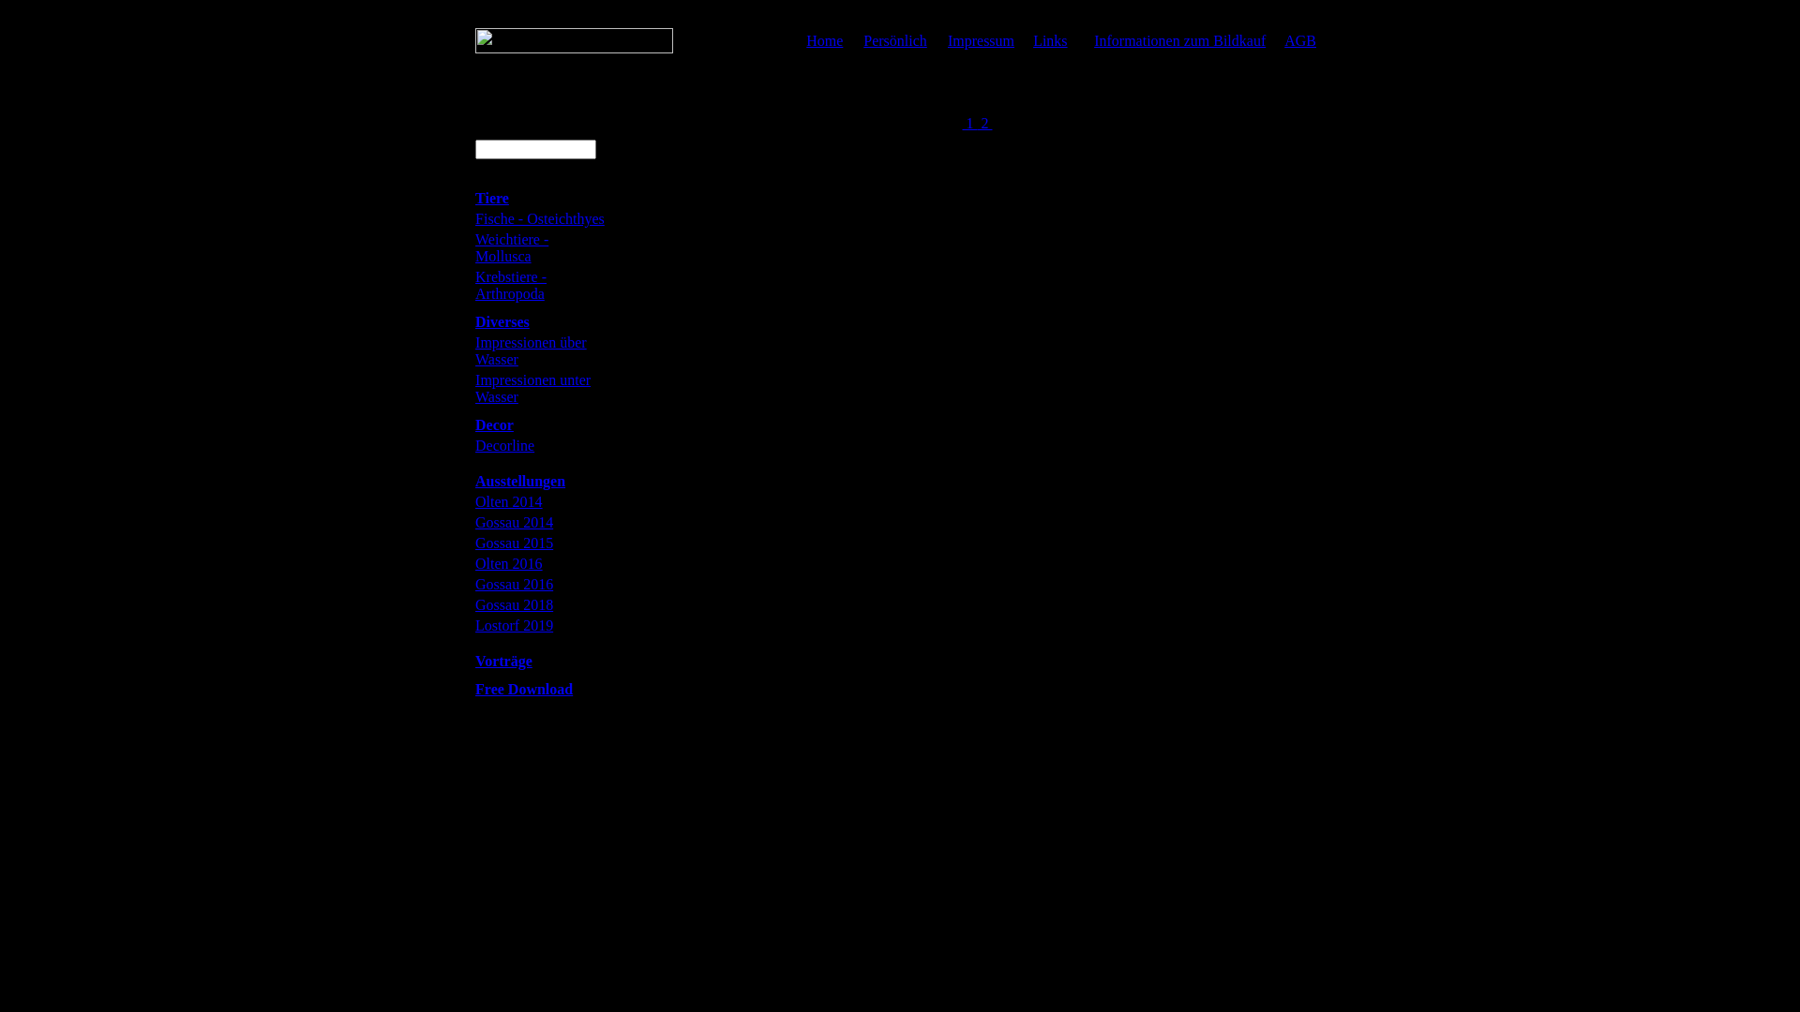 Image resolution: width=1800 pixels, height=1012 pixels. What do you see at coordinates (523, 689) in the screenshot?
I see `'Free Download'` at bounding box center [523, 689].